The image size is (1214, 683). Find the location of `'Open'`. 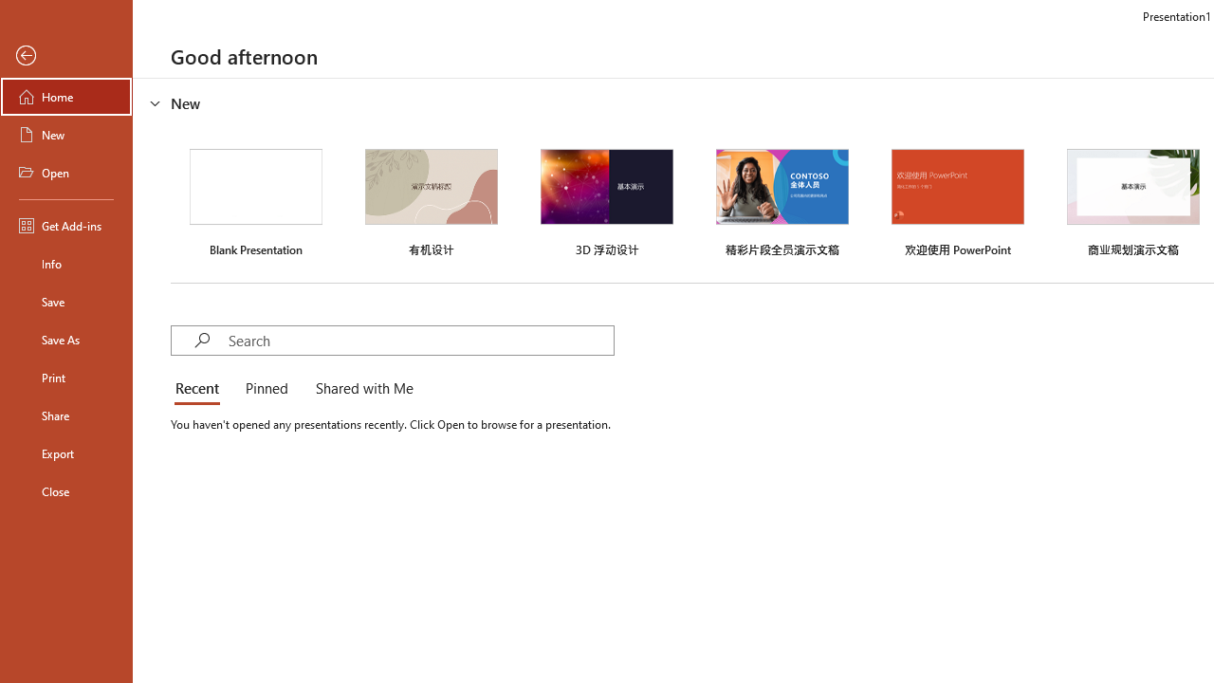

'Open' is located at coordinates (65, 173).